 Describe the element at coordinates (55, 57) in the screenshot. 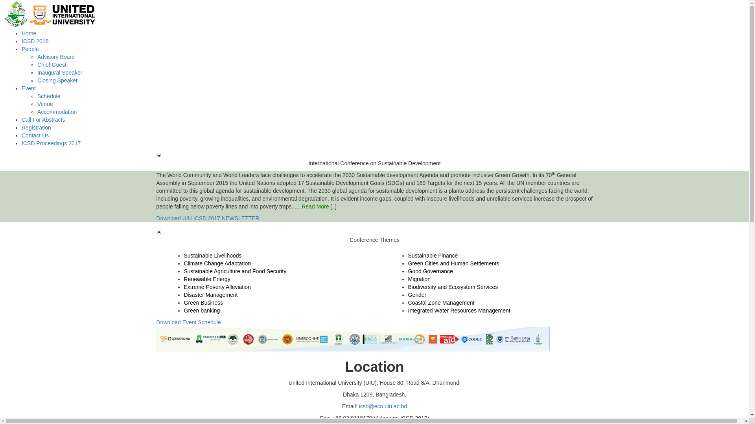

I see `'Advisory Board'` at that location.